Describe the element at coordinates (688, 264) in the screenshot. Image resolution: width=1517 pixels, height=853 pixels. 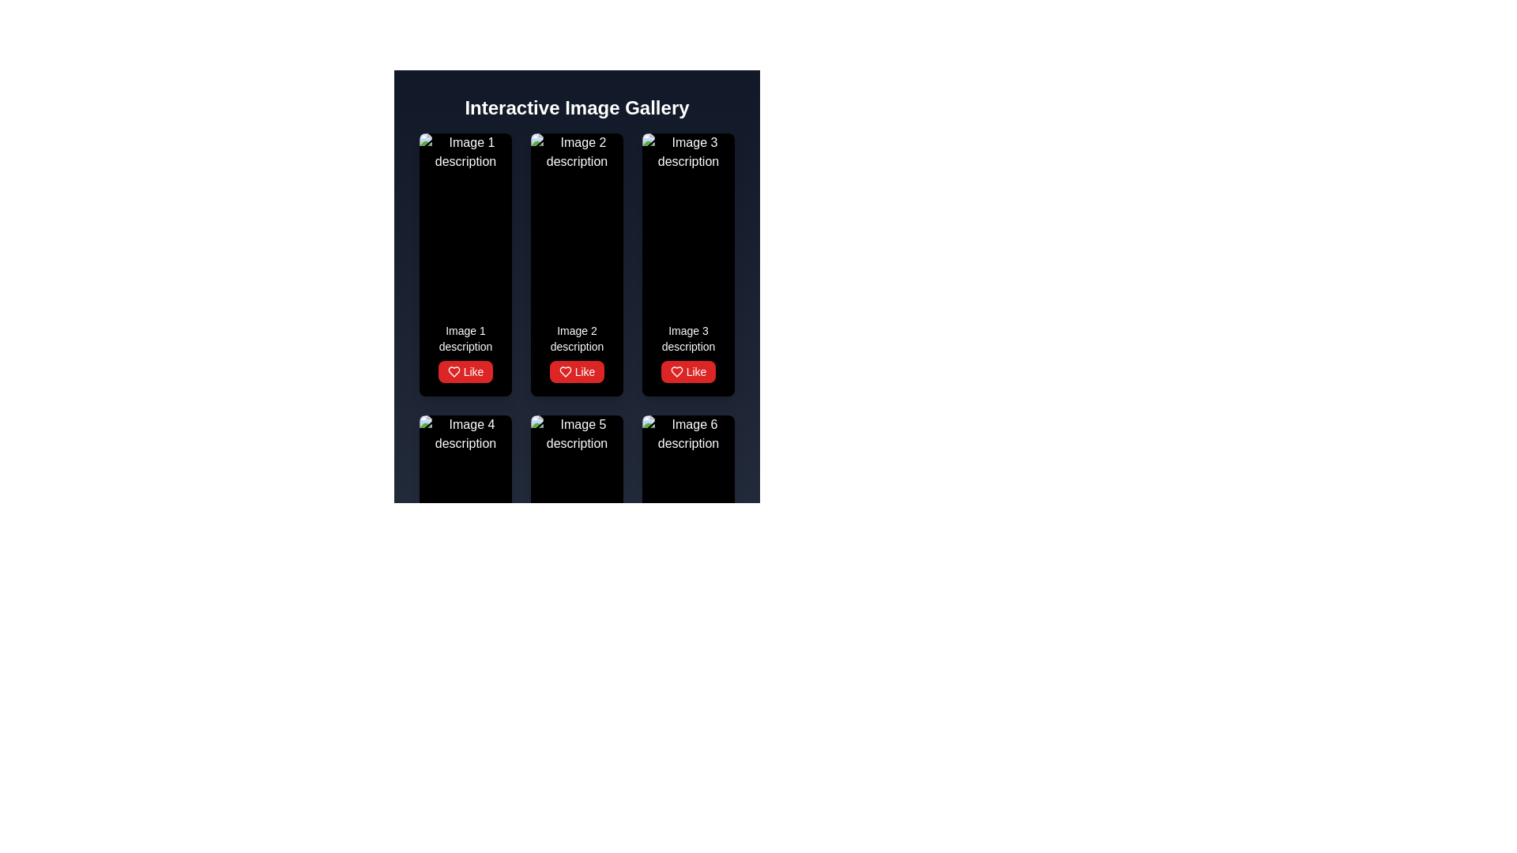
I see `the image in the third card of the 'Interactive Image Gallery' section to enlarge it` at that location.